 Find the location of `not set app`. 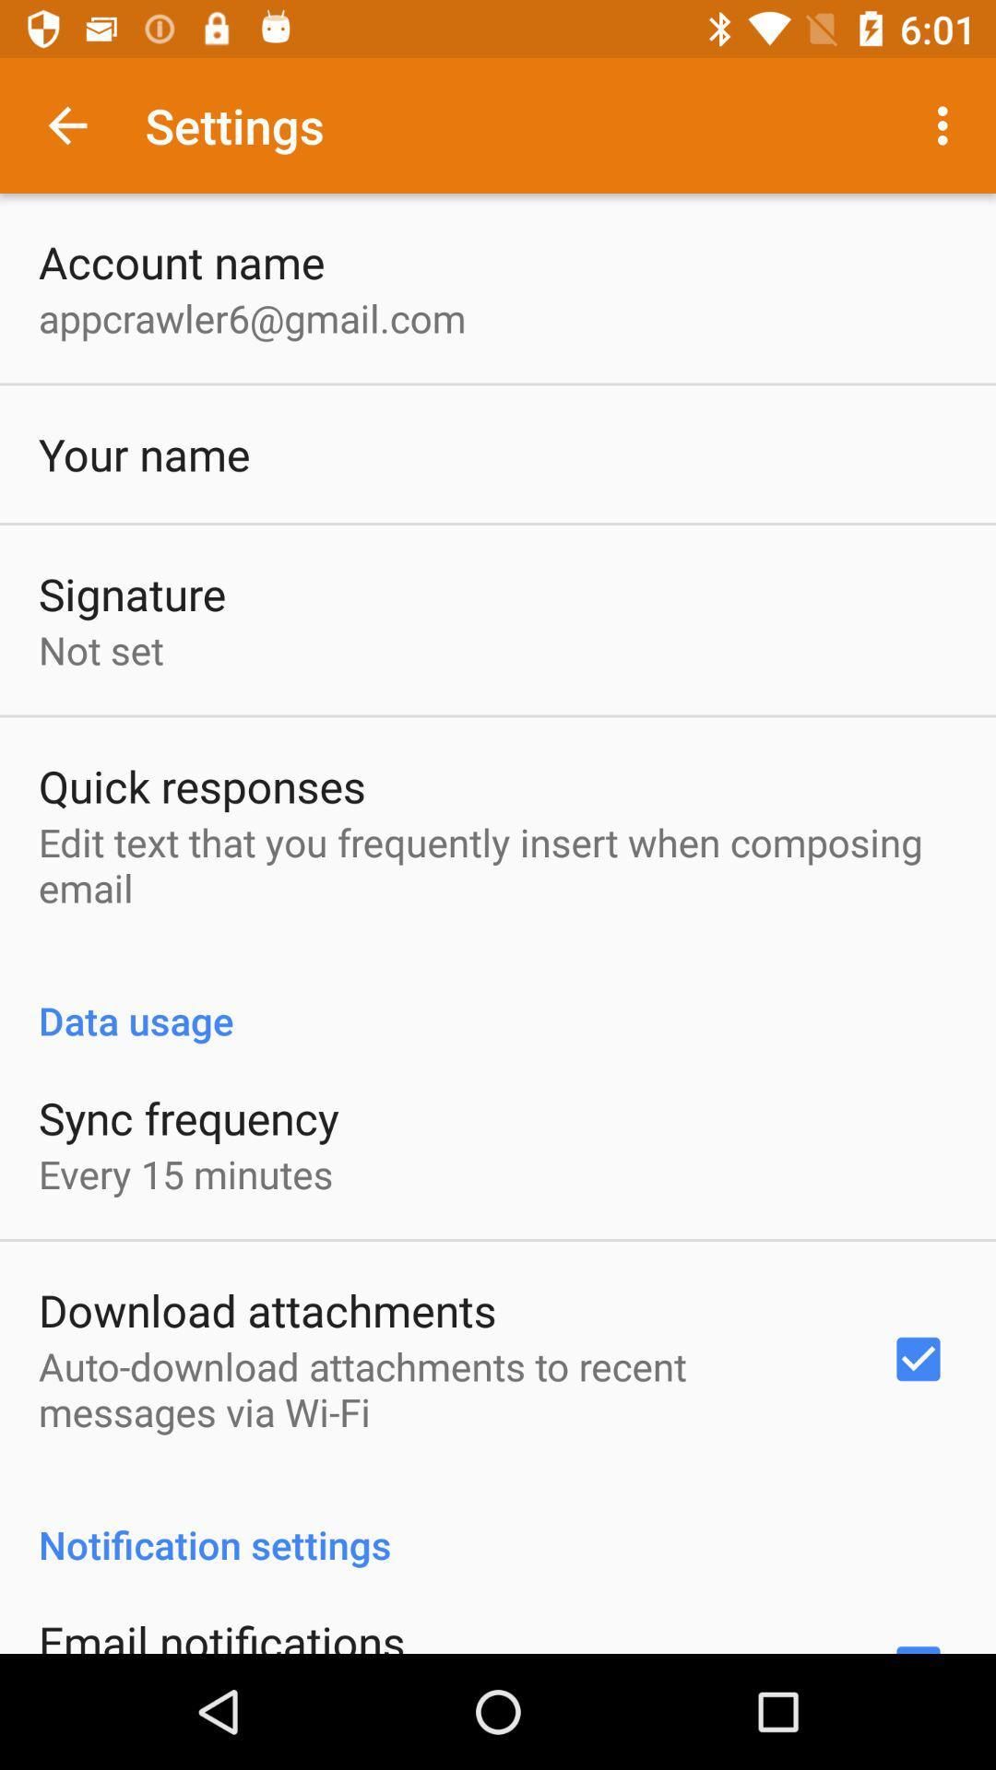

not set app is located at coordinates (101, 650).